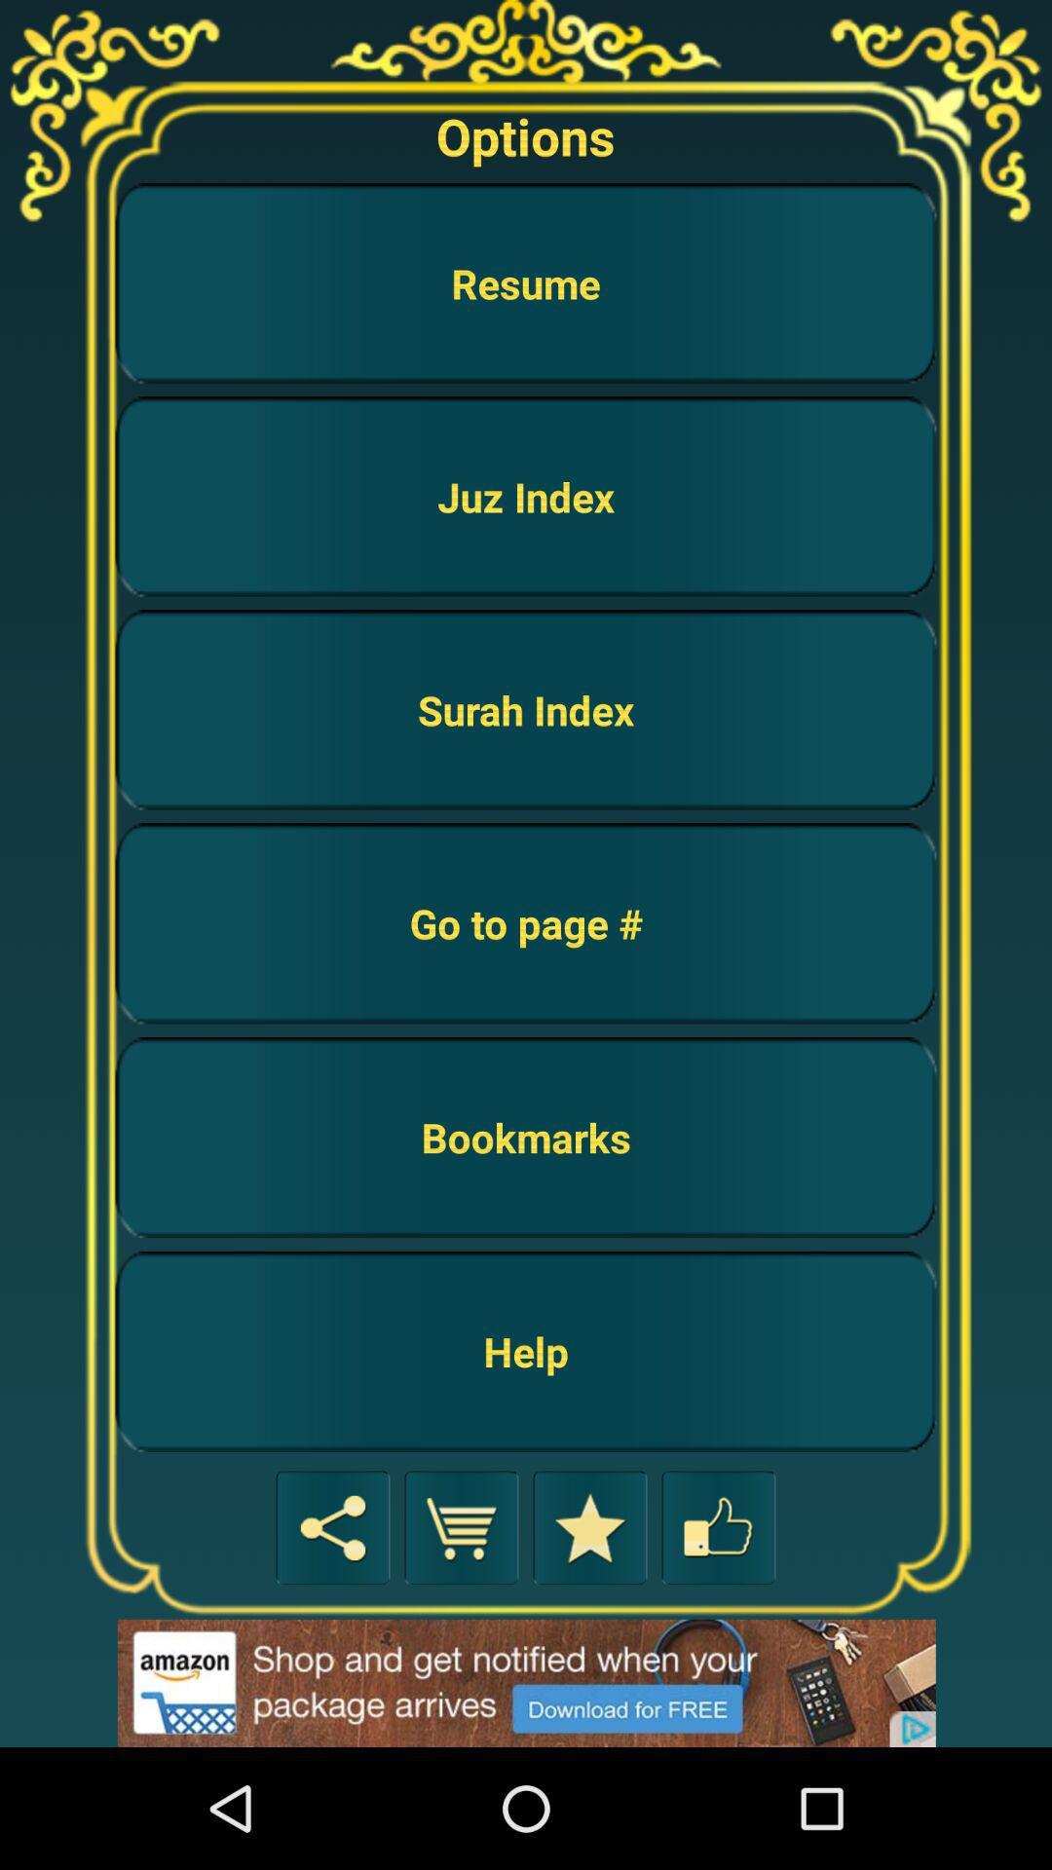 The height and width of the screenshot is (1870, 1052). What do you see at coordinates (462, 1635) in the screenshot?
I see `the cart icon` at bounding box center [462, 1635].